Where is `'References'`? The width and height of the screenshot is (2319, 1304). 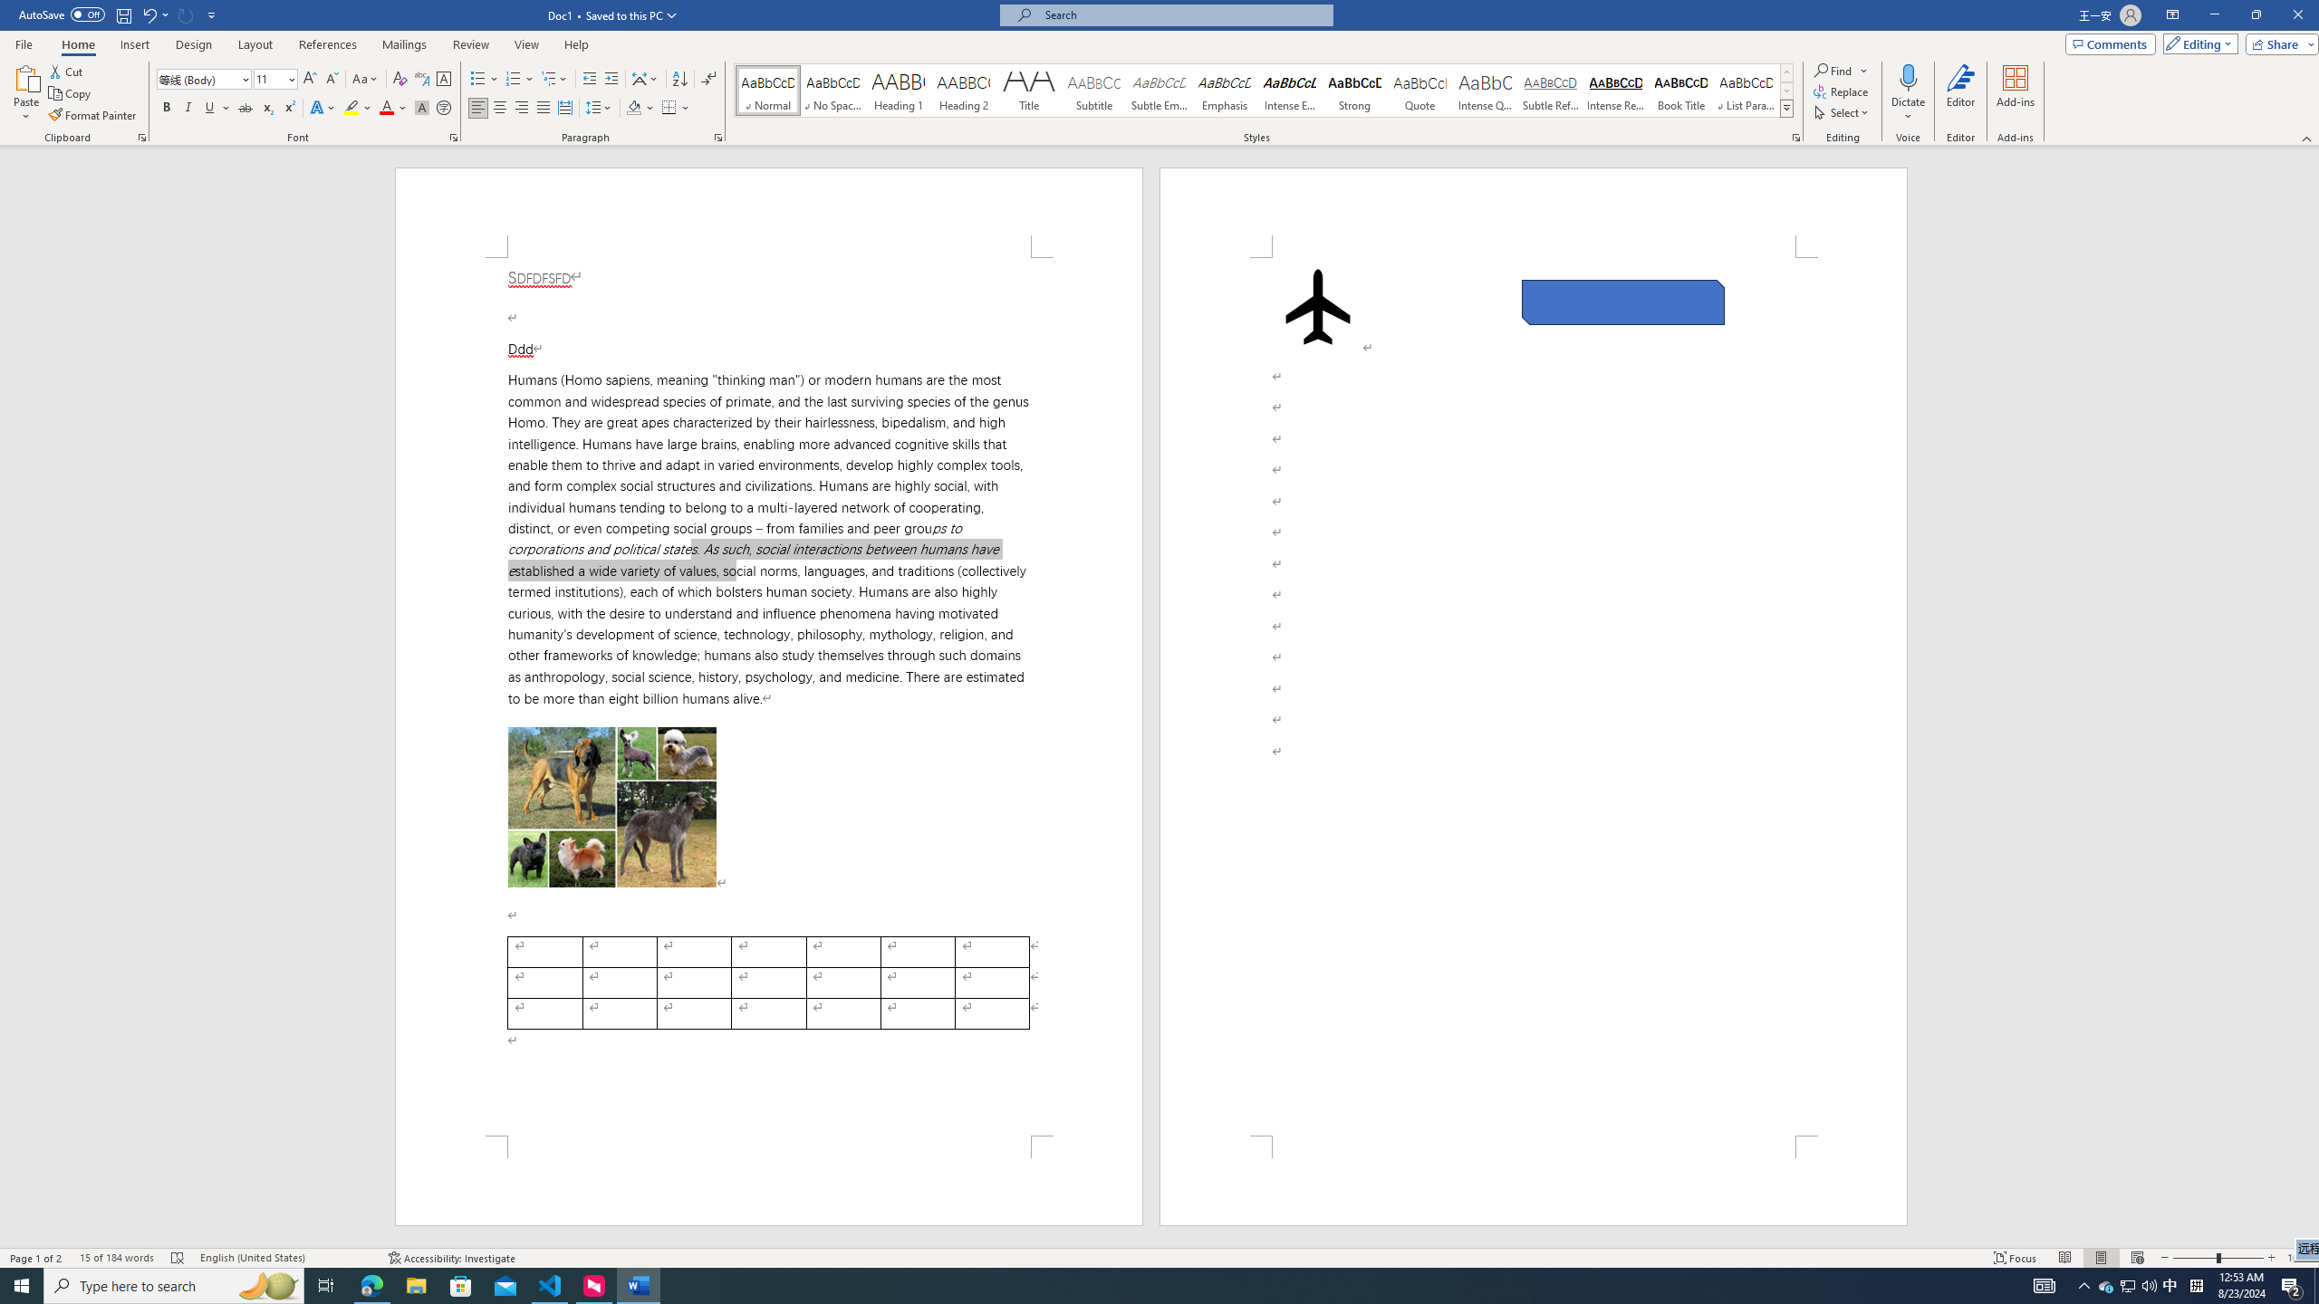 'References' is located at coordinates (328, 44).